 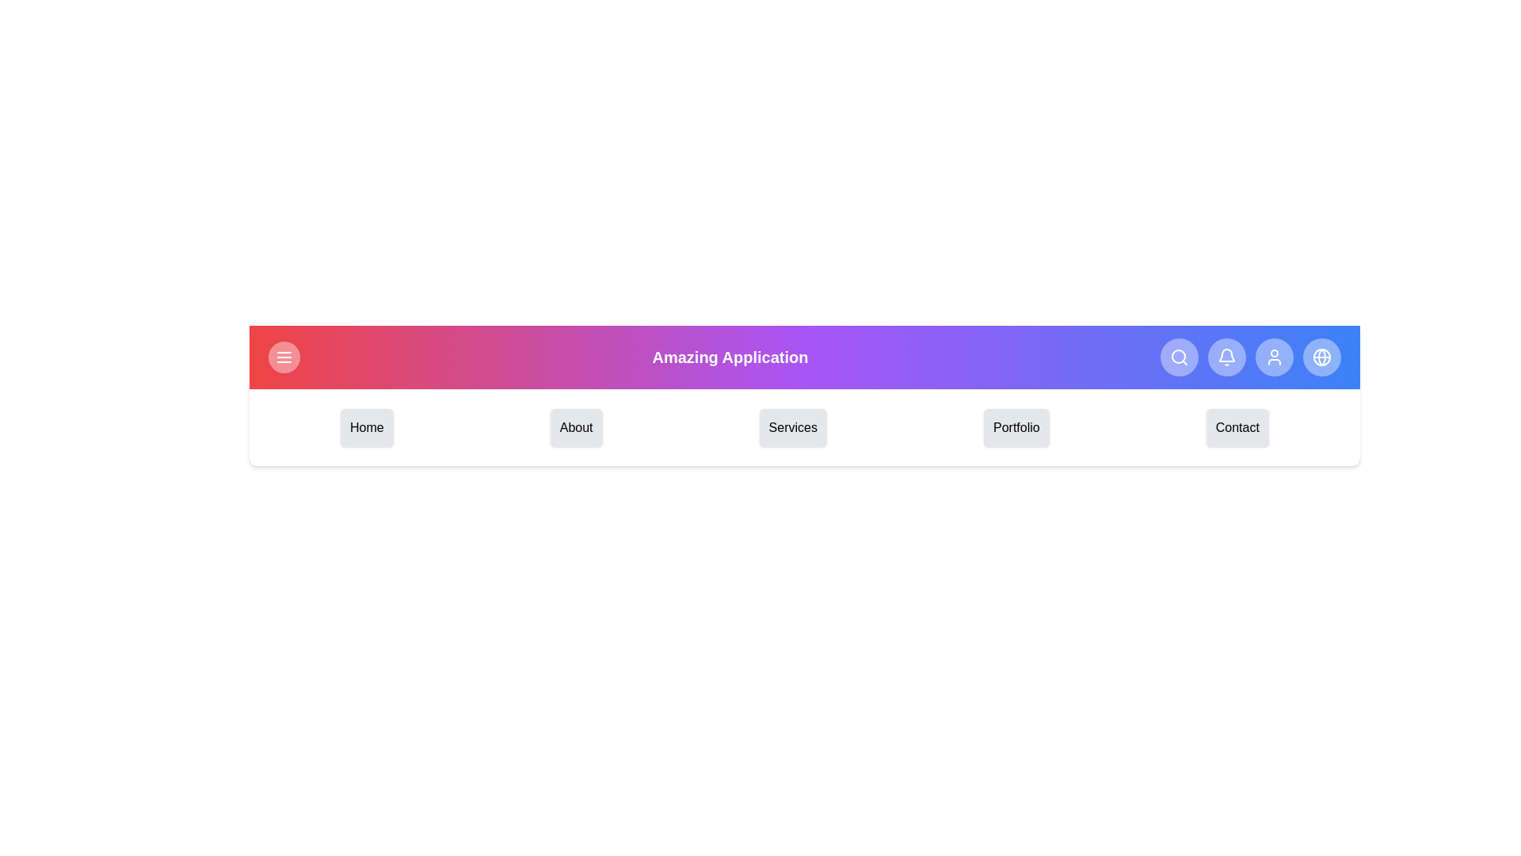 I want to click on the menu item About from the navigation bar, so click(x=574, y=428).